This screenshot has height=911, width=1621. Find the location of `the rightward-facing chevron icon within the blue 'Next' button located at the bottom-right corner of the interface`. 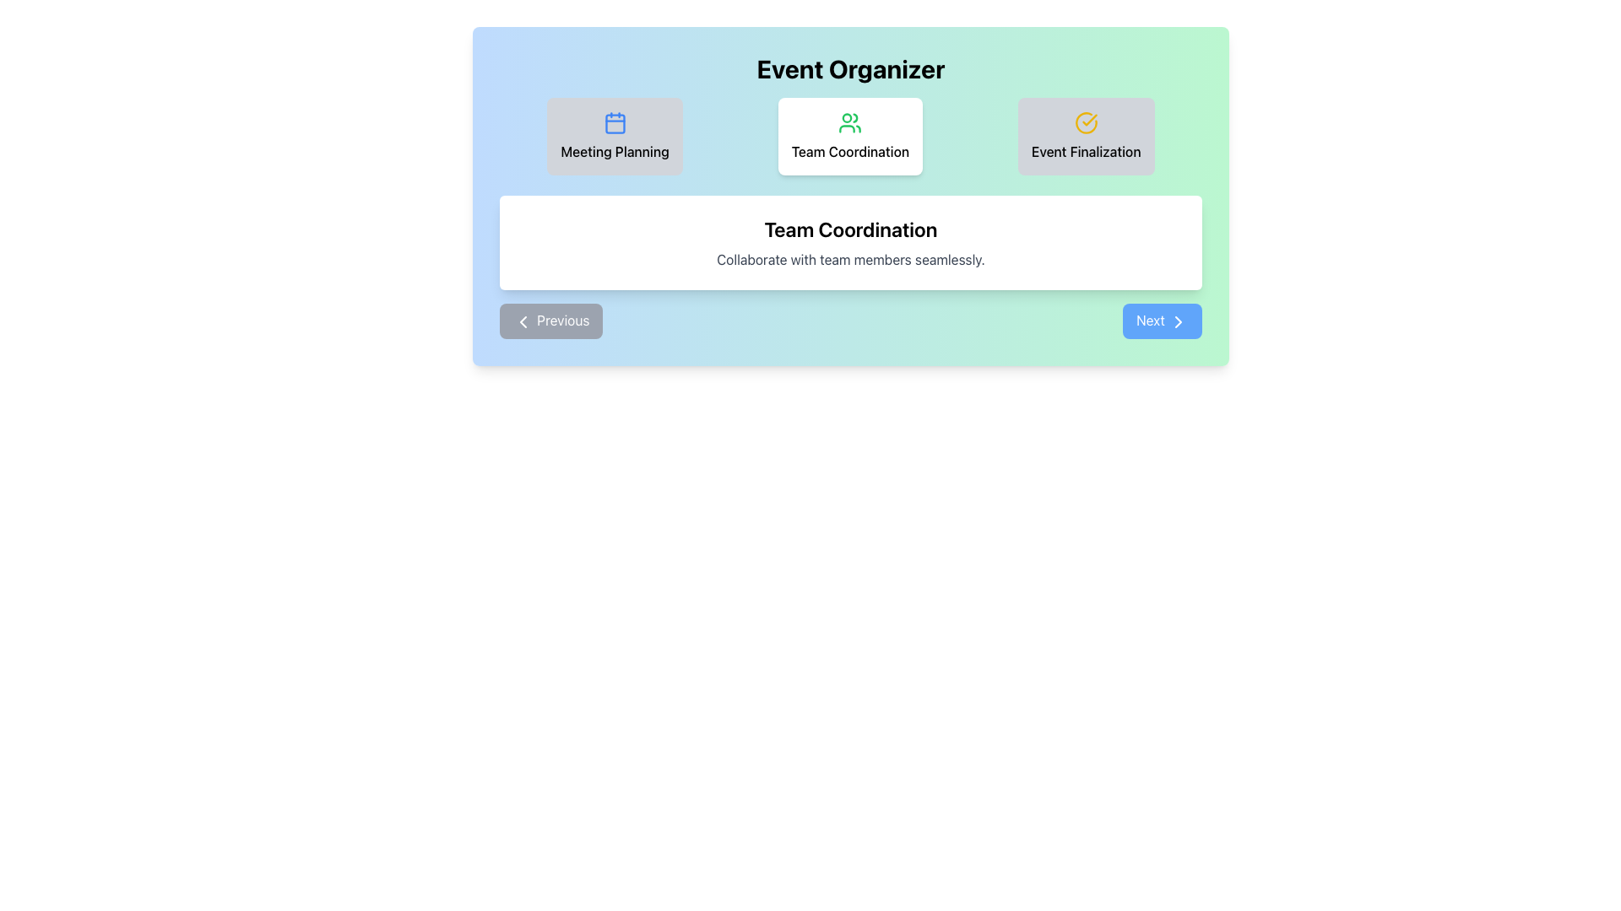

the rightward-facing chevron icon within the blue 'Next' button located at the bottom-right corner of the interface is located at coordinates (1178, 321).